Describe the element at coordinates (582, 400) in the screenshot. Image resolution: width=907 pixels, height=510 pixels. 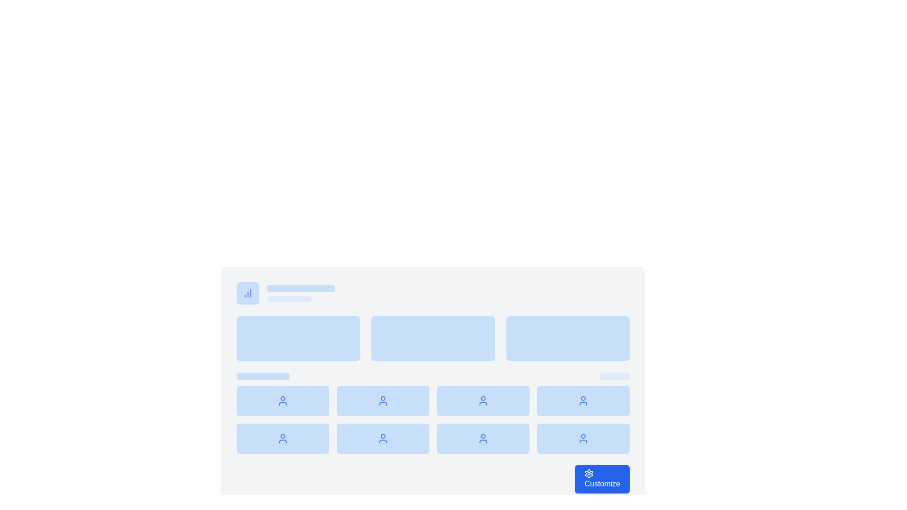
I see `the user profile icon located in the lower-right region of the interface` at that location.